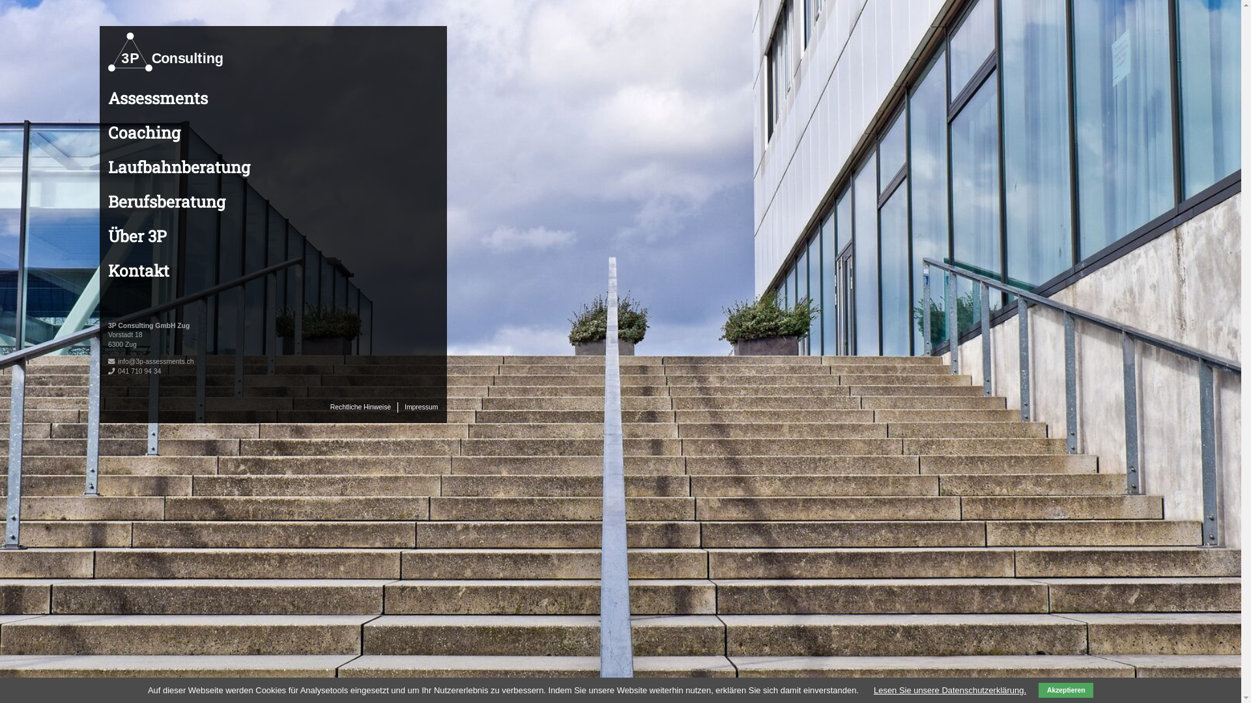 This screenshot has width=1251, height=703. Describe the element at coordinates (156, 361) in the screenshot. I see `'info@3p-assessments.ch'` at that location.